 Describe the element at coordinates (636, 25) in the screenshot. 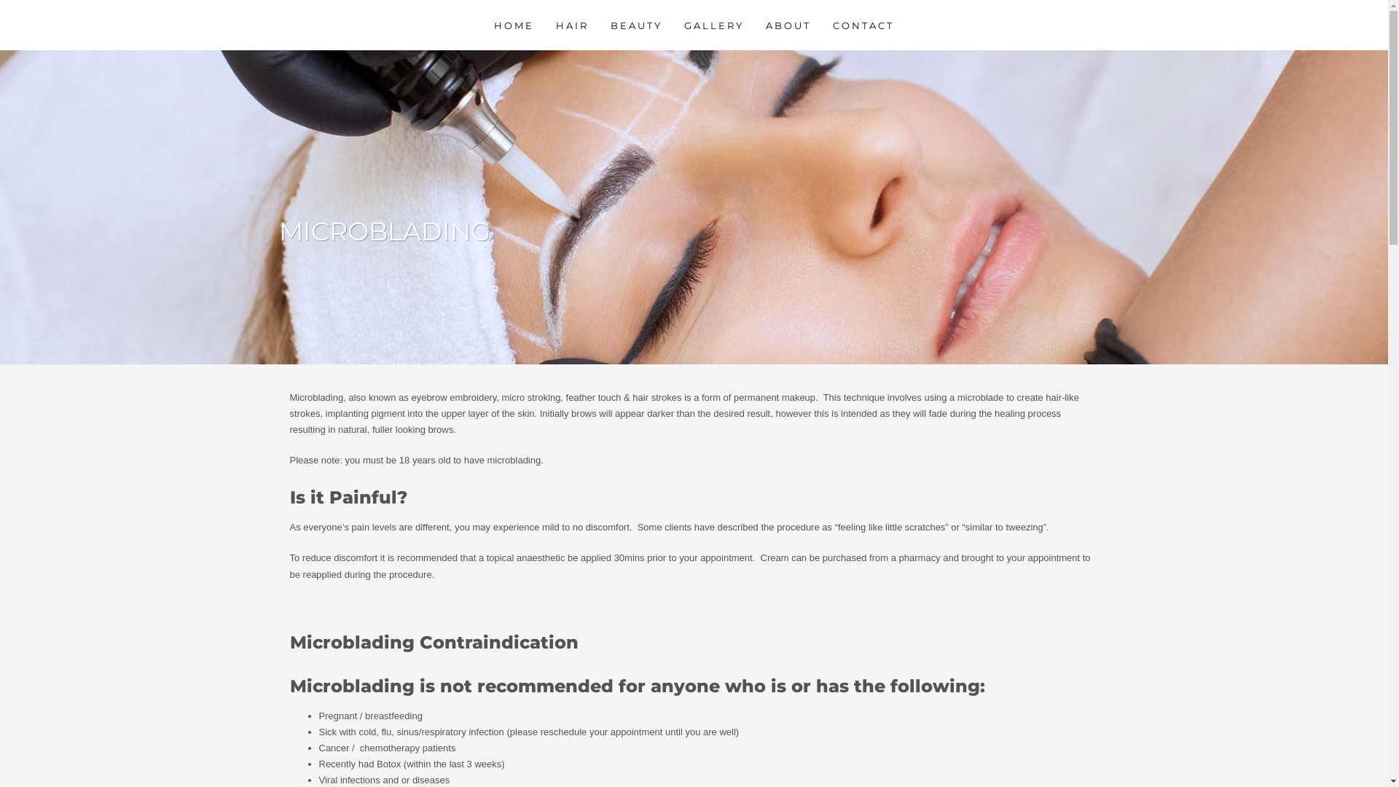

I see `'BEAUTY'` at that location.